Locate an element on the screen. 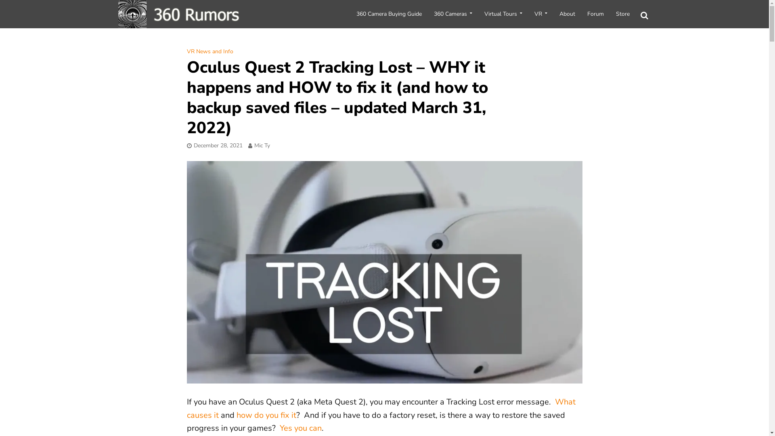 This screenshot has width=775, height=436. 'Yes you can' is located at coordinates (279, 428).